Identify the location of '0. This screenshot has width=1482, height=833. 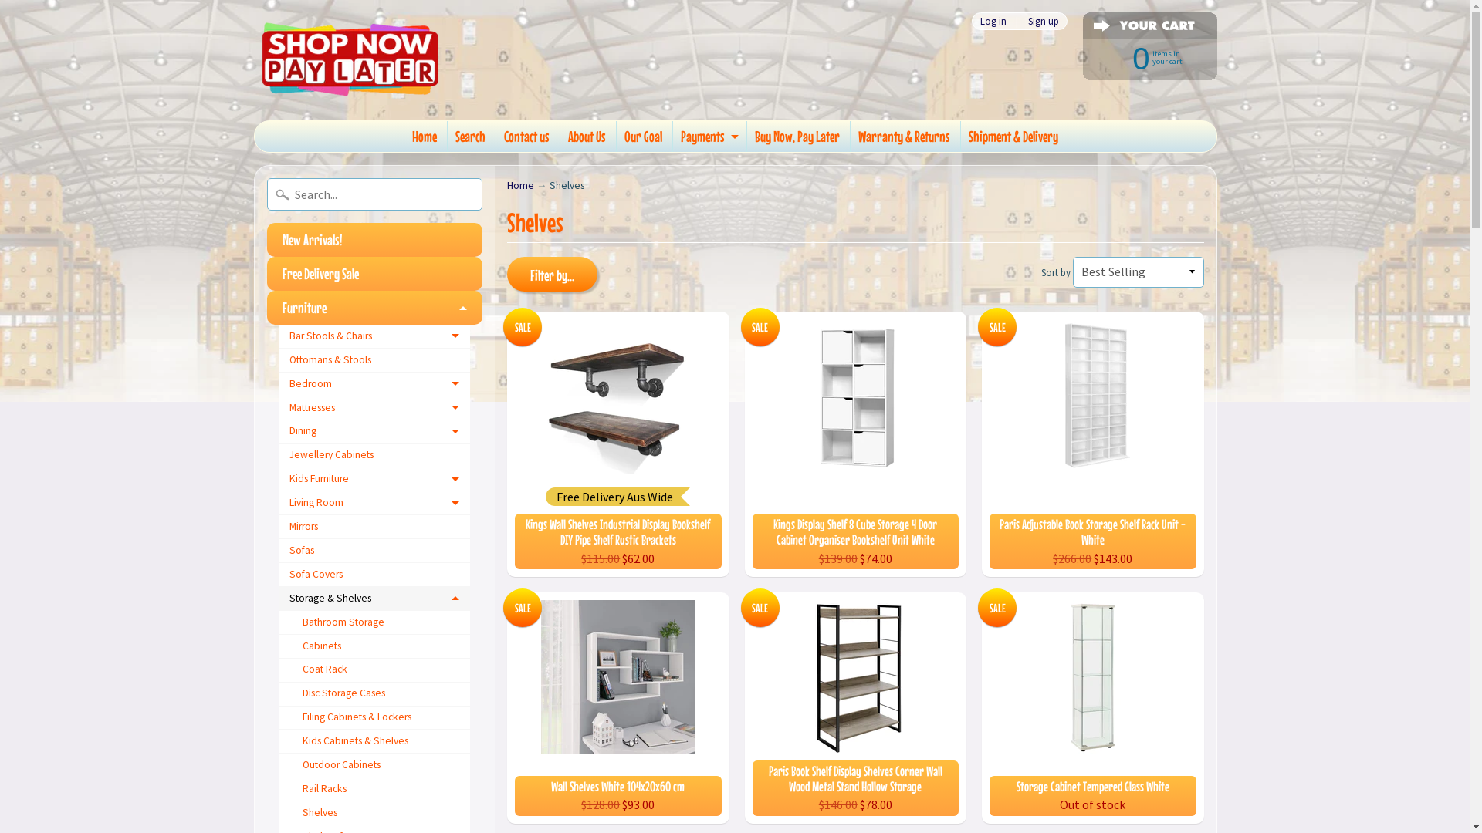
(1067, 56).